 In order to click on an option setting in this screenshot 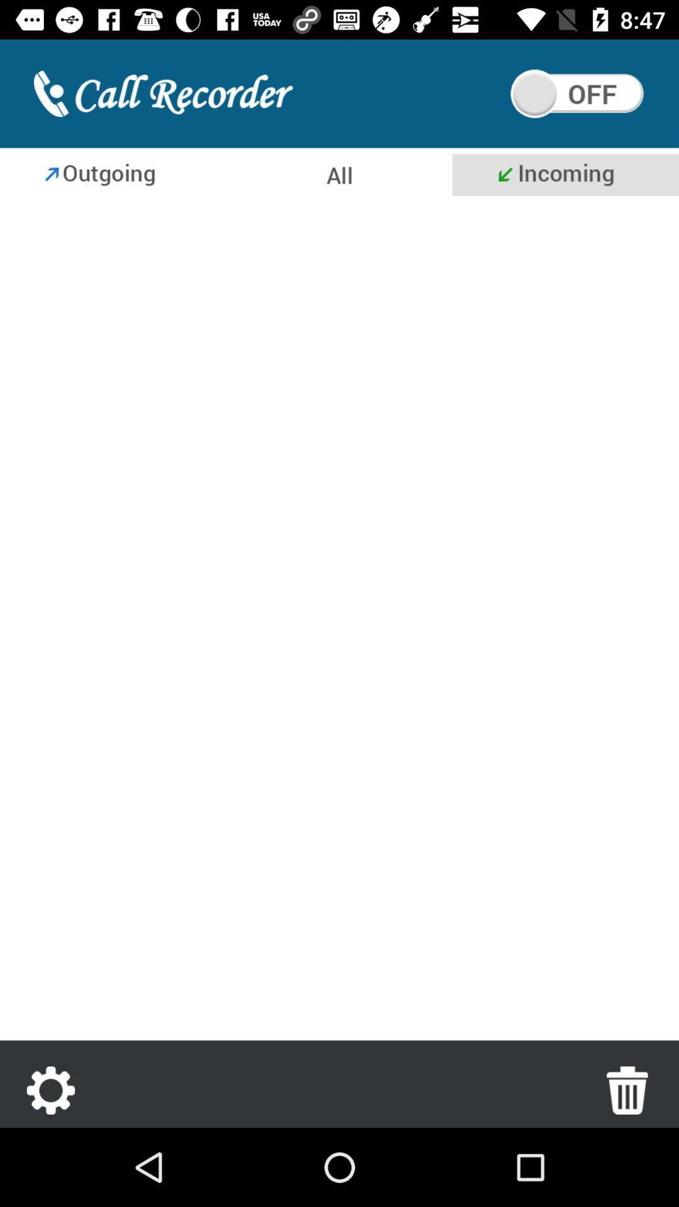, I will do `click(50, 1089)`.